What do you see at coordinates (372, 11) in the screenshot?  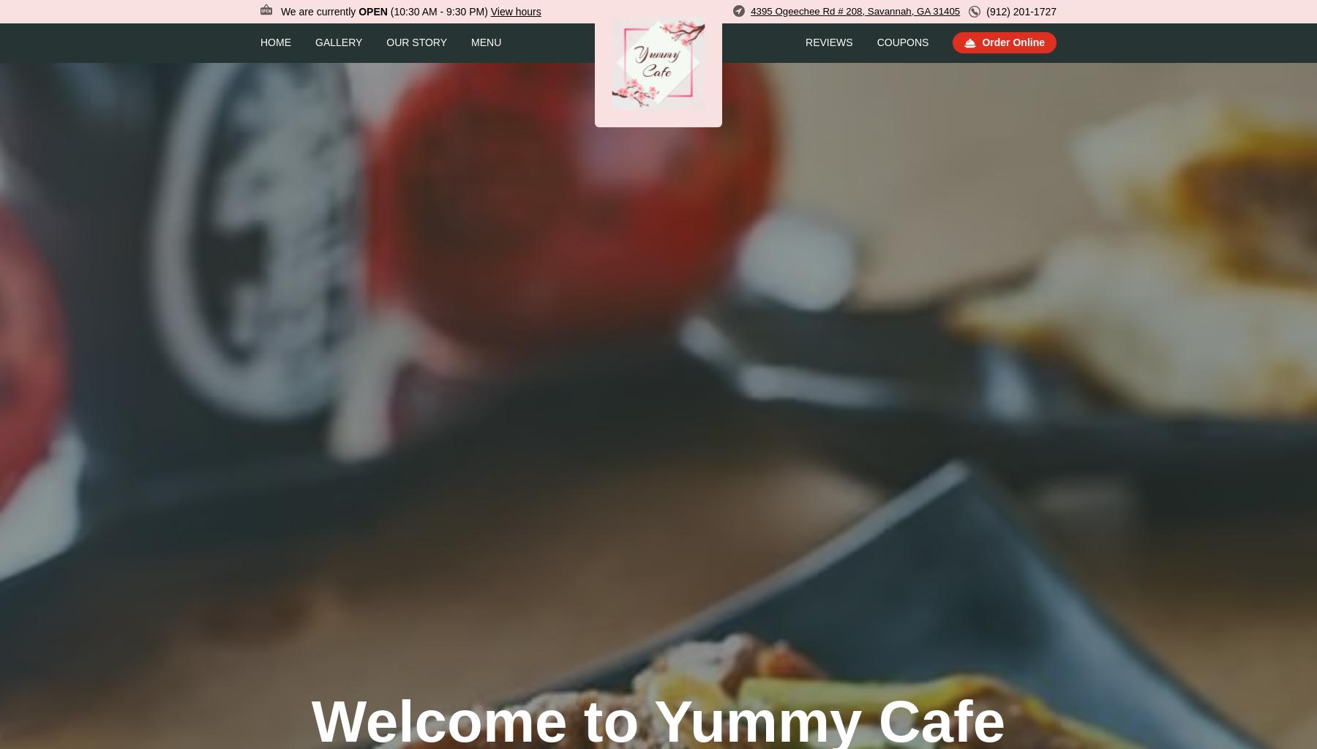 I see `'OPEN'` at bounding box center [372, 11].